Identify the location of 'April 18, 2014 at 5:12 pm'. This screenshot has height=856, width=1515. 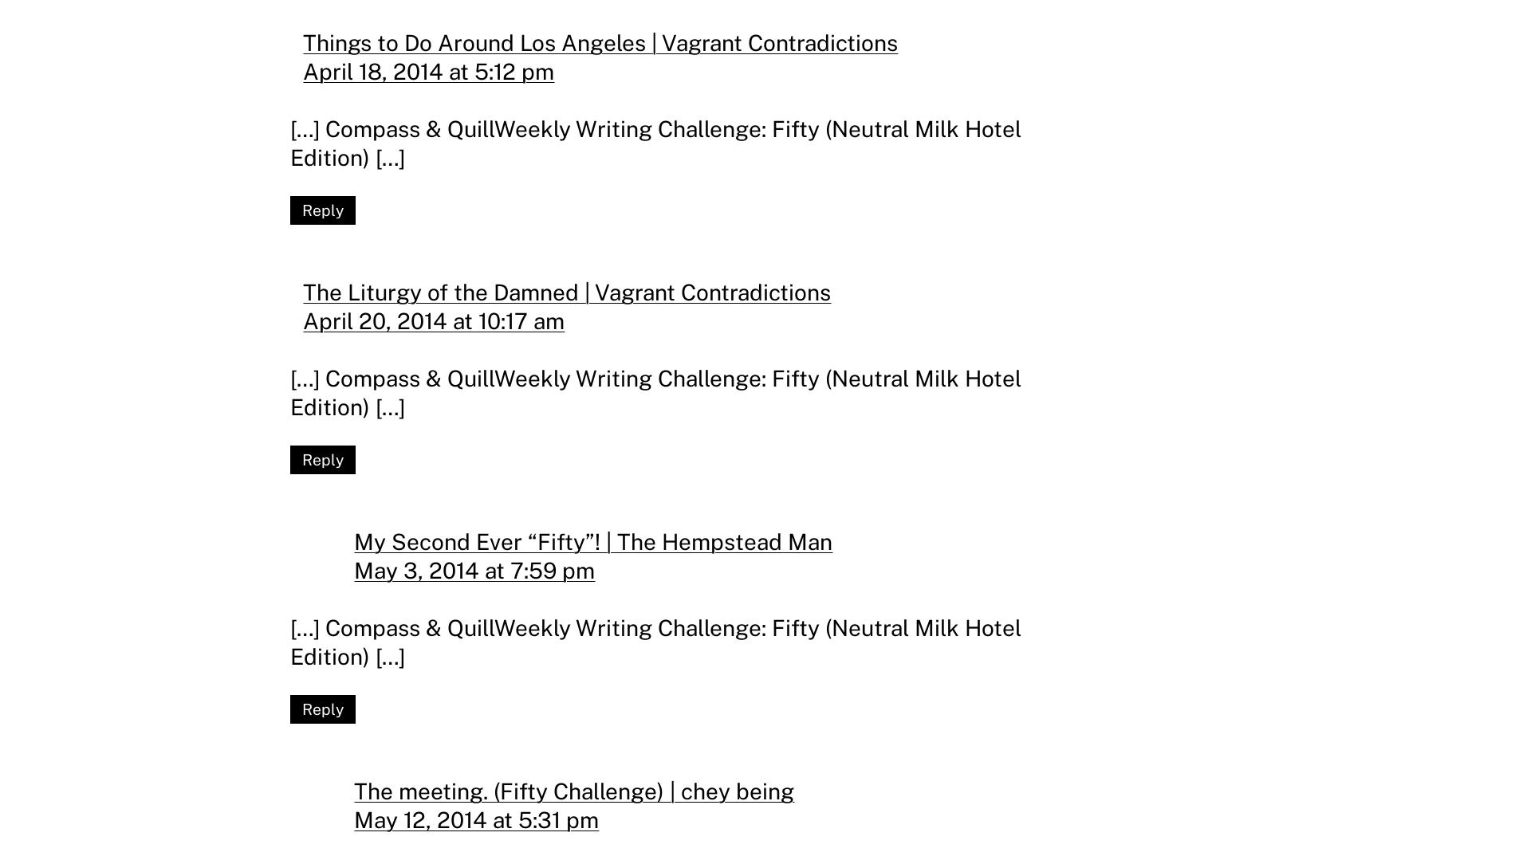
(428, 71).